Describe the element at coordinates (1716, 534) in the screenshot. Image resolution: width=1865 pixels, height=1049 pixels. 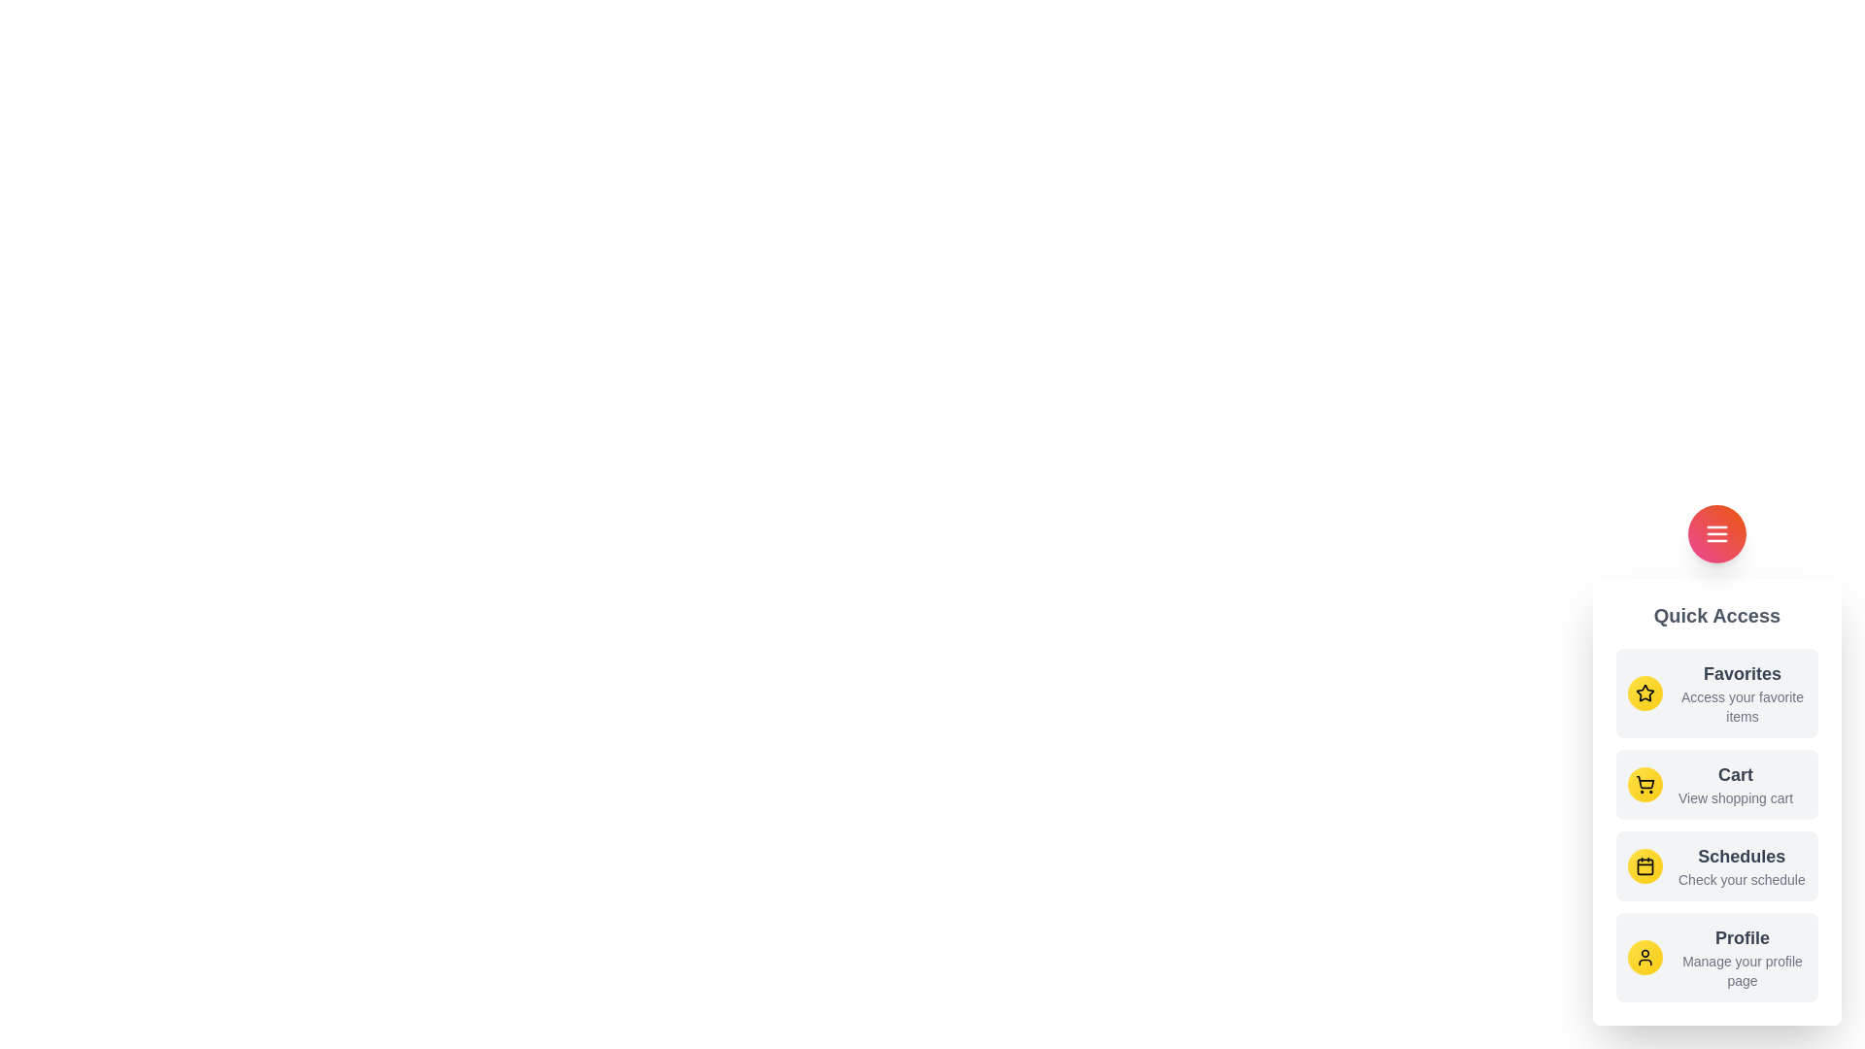
I see `toggle button to collapse the speed dial menu` at that location.